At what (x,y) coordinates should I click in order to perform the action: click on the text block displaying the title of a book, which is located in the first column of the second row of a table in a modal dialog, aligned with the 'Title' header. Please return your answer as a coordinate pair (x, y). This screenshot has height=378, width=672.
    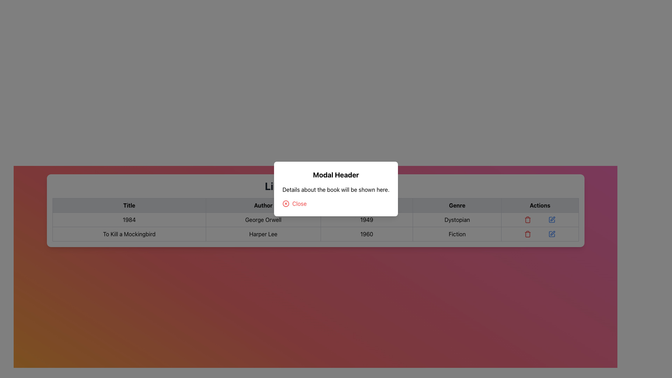
    Looking at the image, I should click on (129, 234).